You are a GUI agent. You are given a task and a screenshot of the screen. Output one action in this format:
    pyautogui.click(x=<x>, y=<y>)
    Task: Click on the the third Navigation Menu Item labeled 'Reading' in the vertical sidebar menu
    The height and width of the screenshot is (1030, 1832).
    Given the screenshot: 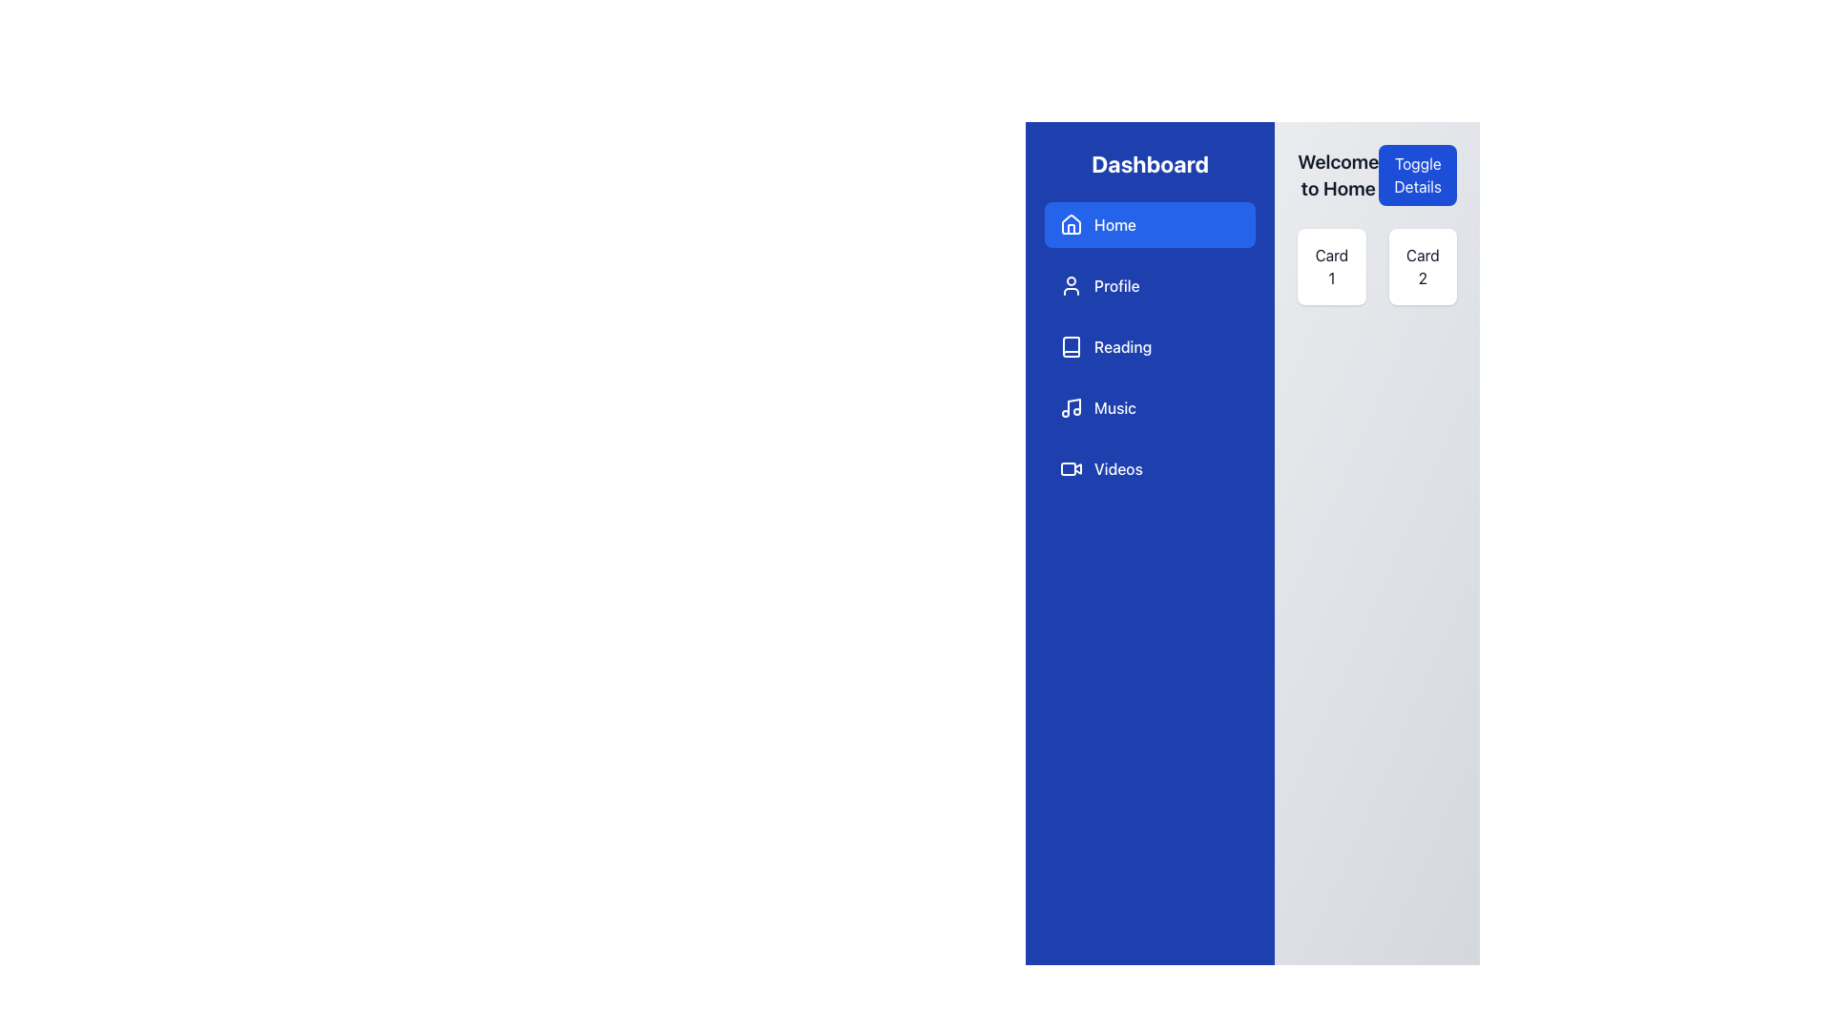 What is the action you would take?
    pyautogui.click(x=1149, y=346)
    